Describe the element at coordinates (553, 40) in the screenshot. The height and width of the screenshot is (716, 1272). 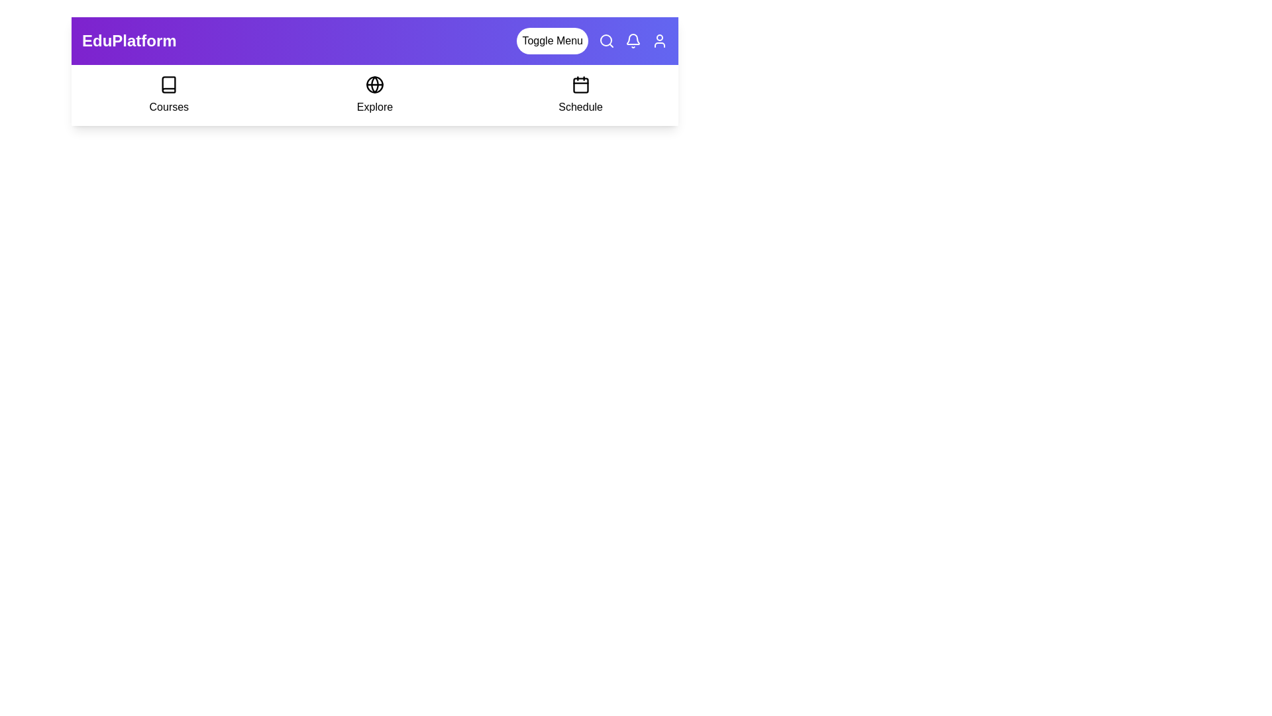
I see `the 'Toggle Menu' button to toggle the visibility of the menu` at that location.